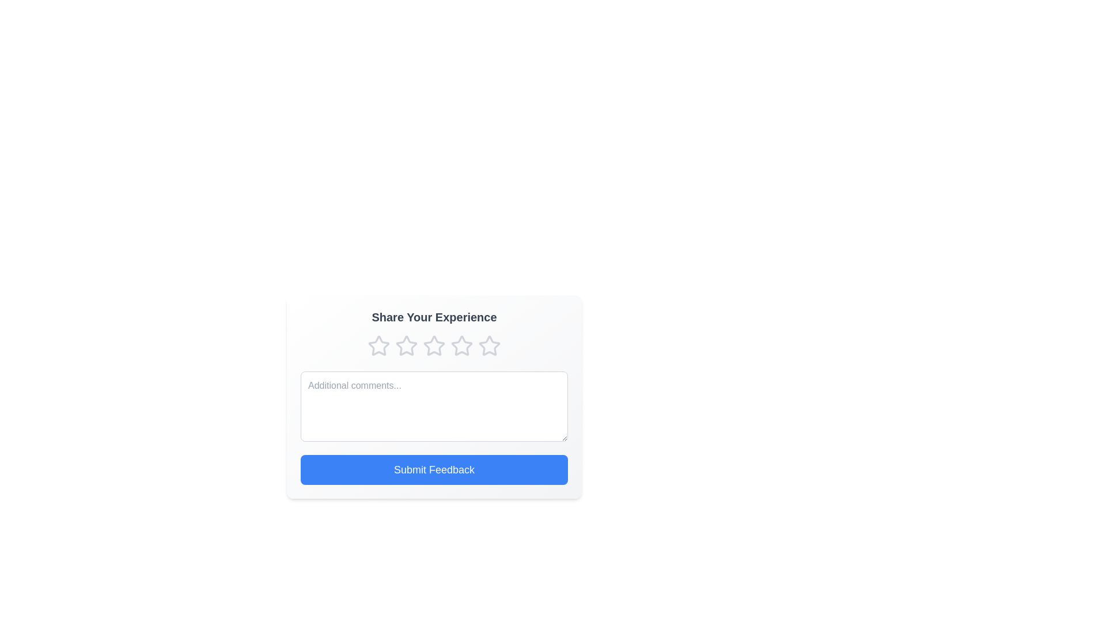  Describe the element at coordinates (378, 345) in the screenshot. I see `the first star-shaped rating icon in the feedback section, located below the 'Share Your Experience' text` at that location.